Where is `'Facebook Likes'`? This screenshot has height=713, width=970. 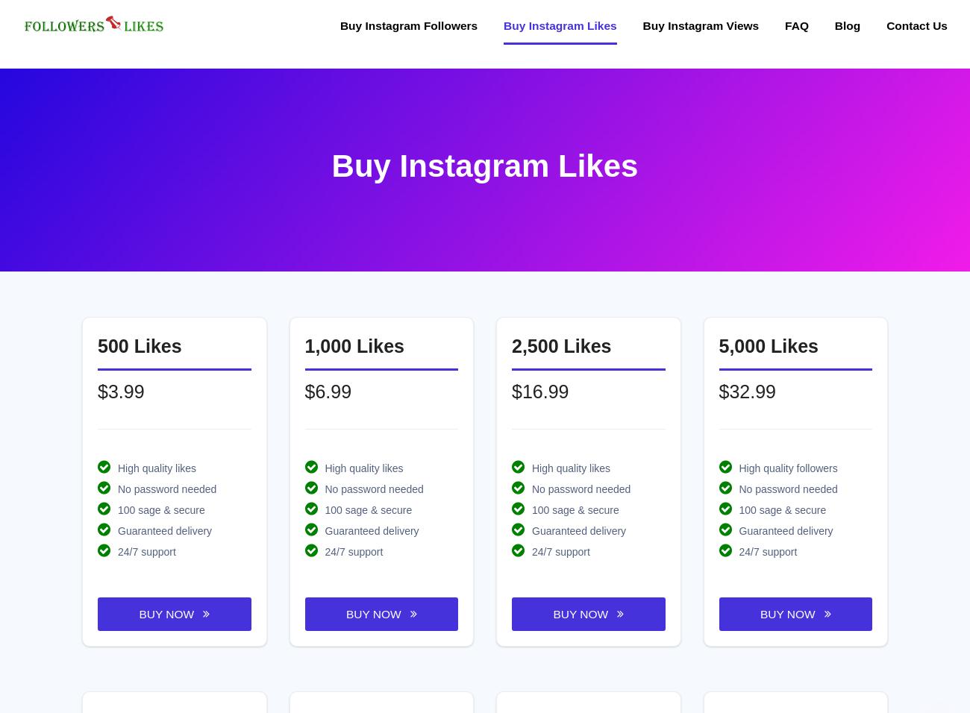
'Facebook Likes' is located at coordinates (325, 594).